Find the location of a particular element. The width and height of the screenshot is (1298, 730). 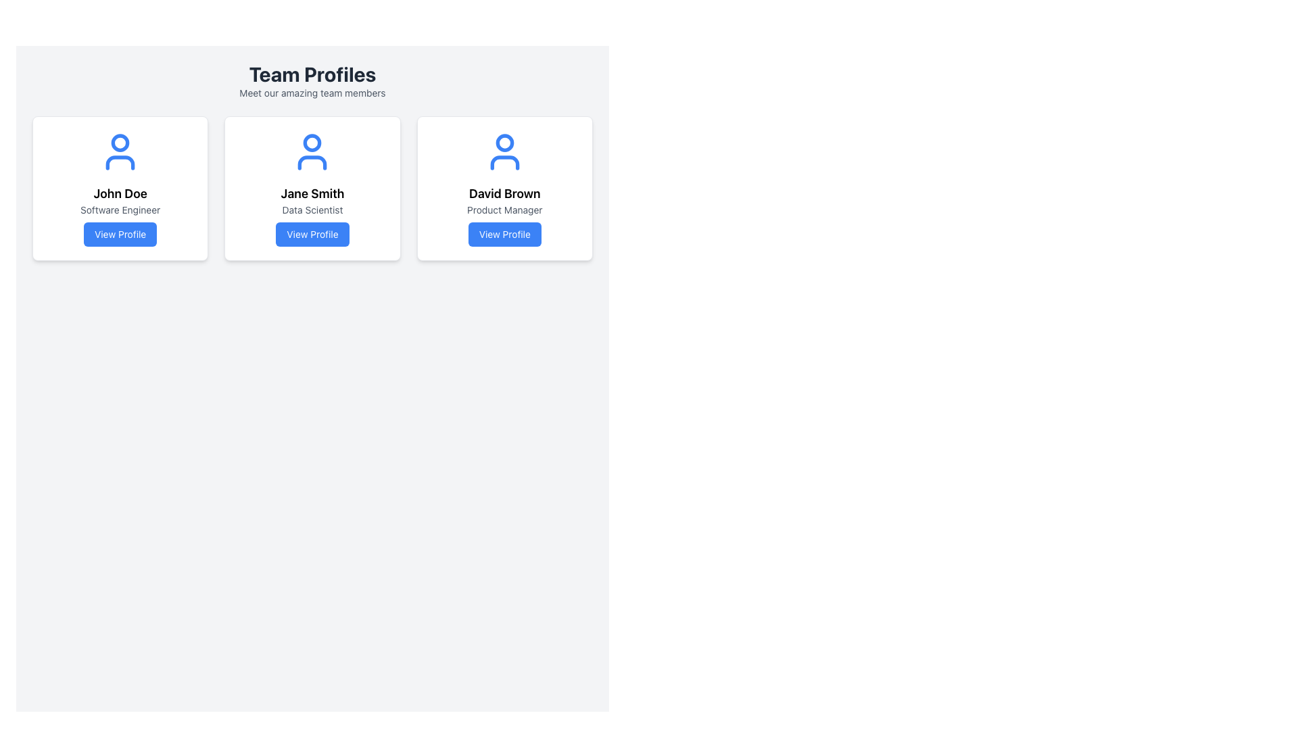

the text label indicating the job title of John Doe, which is positioned directly below his name and above the 'View Profile' button is located at coordinates (120, 210).